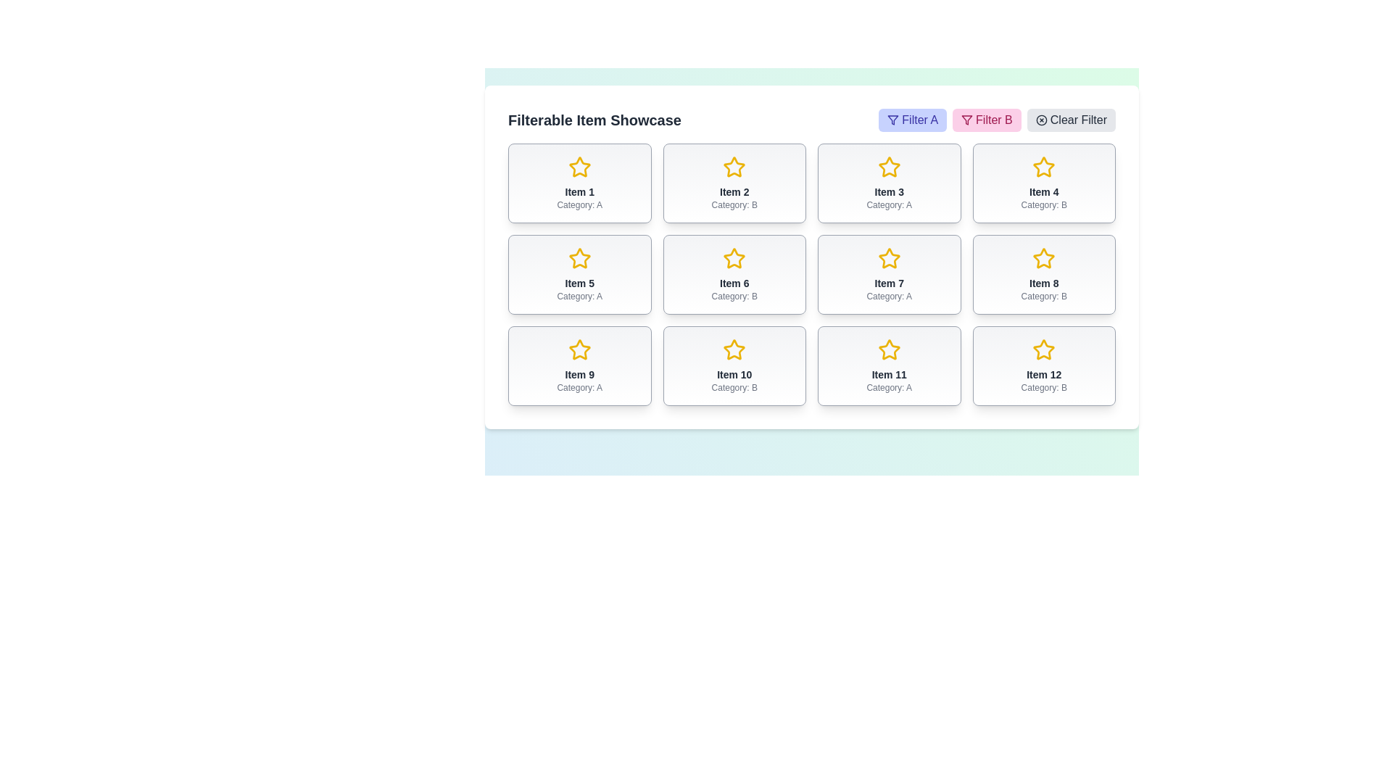 The height and width of the screenshot is (783, 1392). I want to click on the static text label 'Item 3' which is located in the first row, third column of the grid and is centered below a yellow star icon, so click(888, 191).